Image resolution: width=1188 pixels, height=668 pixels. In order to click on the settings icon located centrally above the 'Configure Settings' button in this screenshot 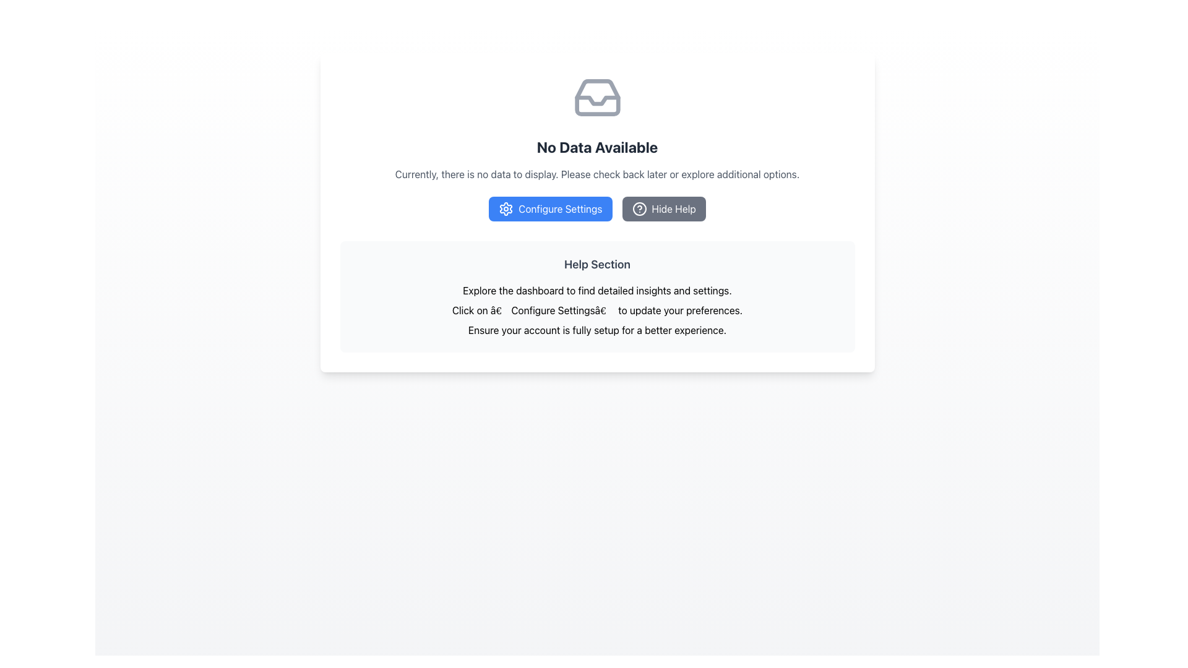, I will do `click(506, 208)`.